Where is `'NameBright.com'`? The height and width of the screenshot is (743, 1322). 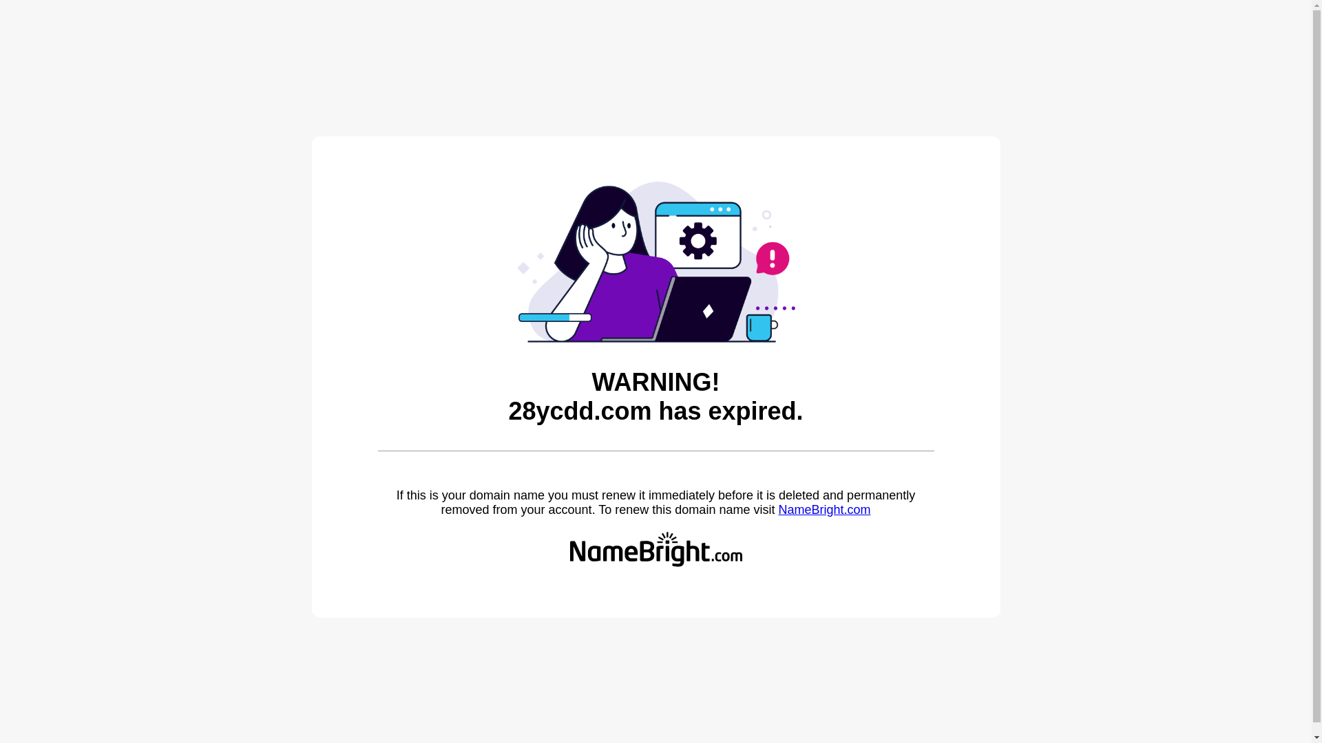
'NameBright.com' is located at coordinates (777, 509).